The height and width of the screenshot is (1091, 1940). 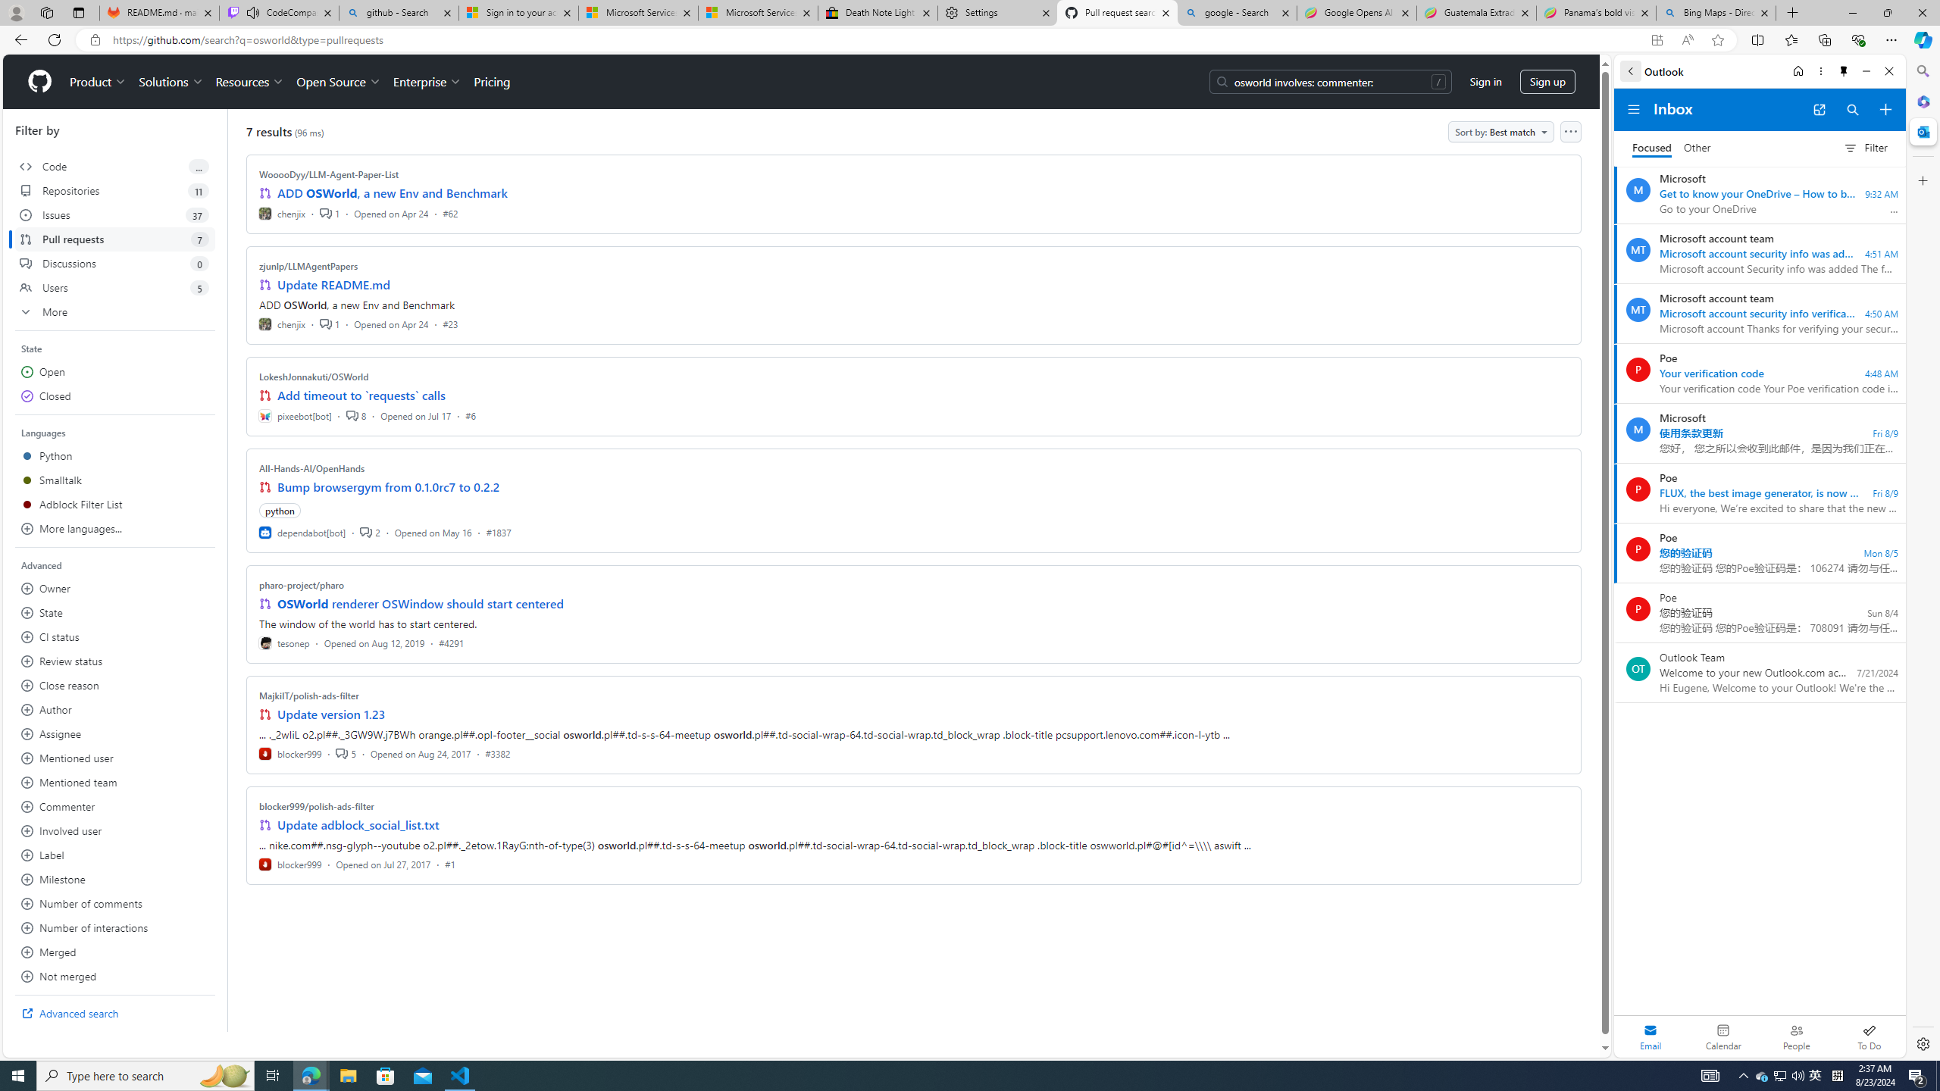 What do you see at coordinates (1865, 148) in the screenshot?
I see `'Filter'` at bounding box center [1865, 148].